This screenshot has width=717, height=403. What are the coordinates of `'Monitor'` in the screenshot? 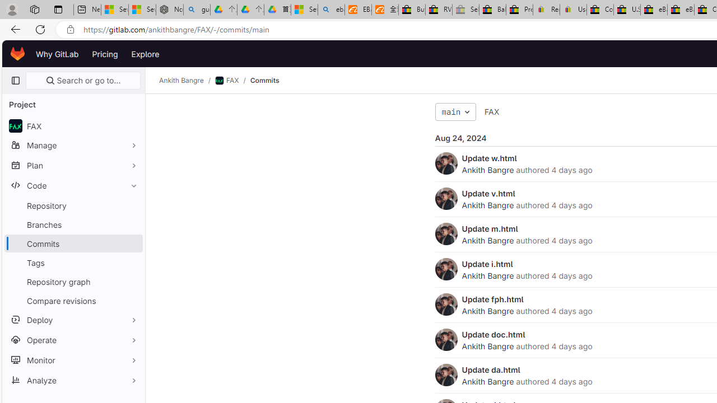 It's located at (73, 359).